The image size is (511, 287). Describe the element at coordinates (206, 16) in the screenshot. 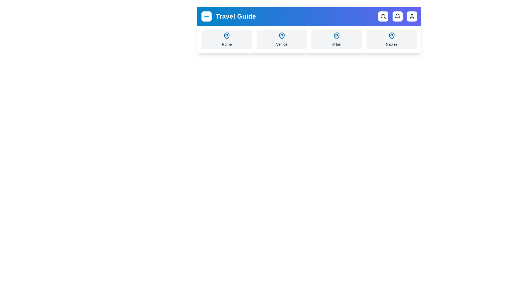

I see `the menu button to toggle the menu visibility` at that location.